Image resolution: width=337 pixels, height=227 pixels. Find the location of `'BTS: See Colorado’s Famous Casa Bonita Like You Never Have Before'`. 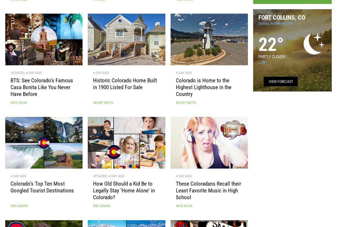

'BTS: See Colorado’s Famous Casa Bonita Like You Never Have Before' is located at coordinates (42, 89).